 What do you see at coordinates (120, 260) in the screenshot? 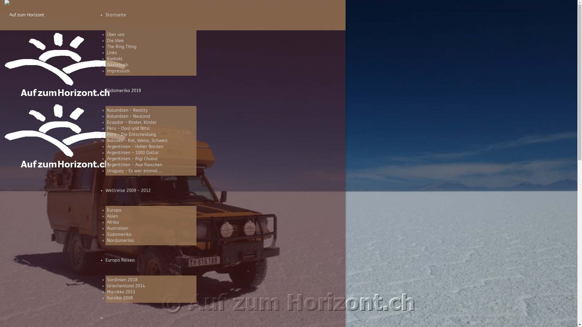
I see `'Europa Reisen'` at bounding box center [120, 260].